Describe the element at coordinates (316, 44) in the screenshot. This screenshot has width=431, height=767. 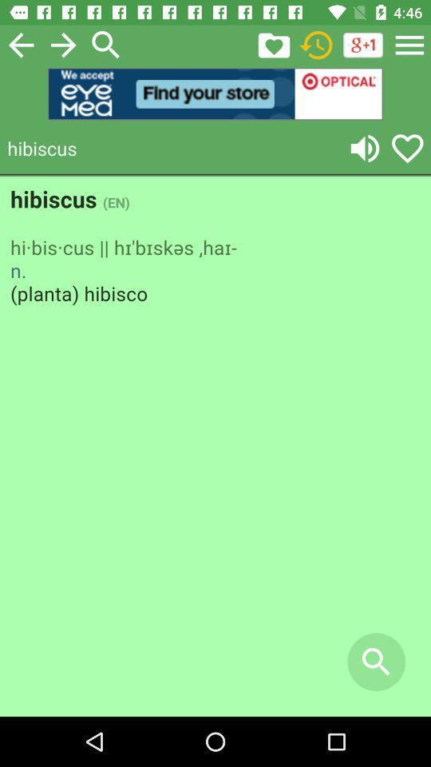
I see `set time of option` at that location.